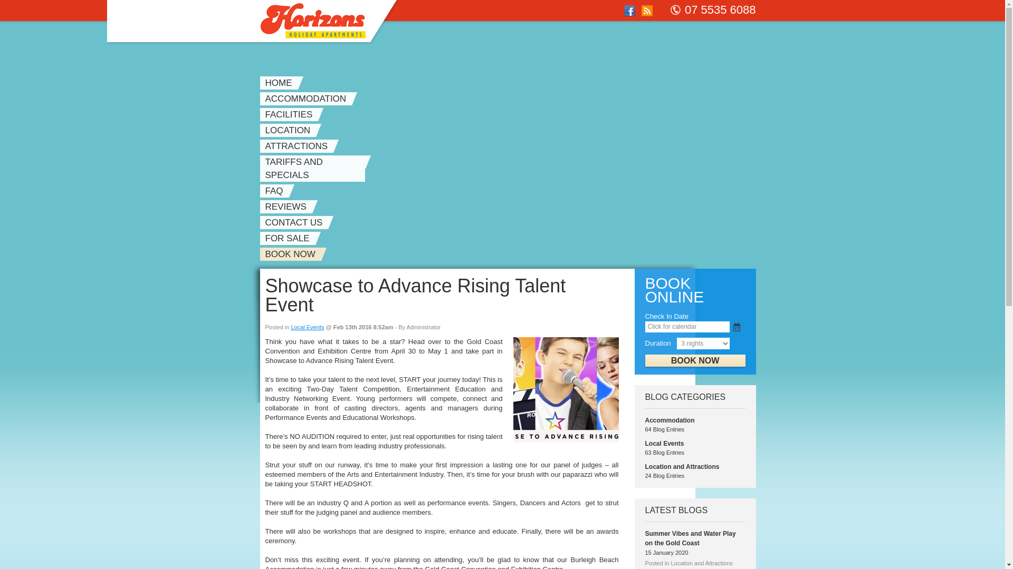 This screenshot has height=569, width=1013. I want to click on 'CONTACT US', so click(259, 222).